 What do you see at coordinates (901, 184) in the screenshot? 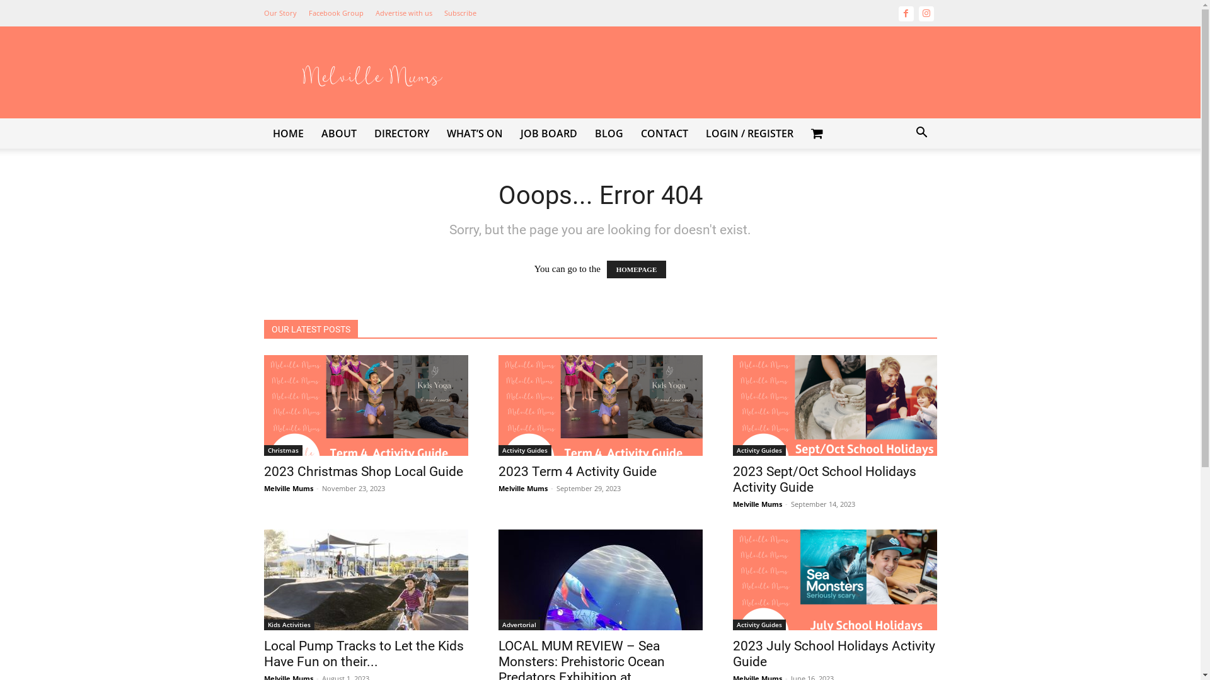
I see `'Search'` at bounding box center [901, 184].